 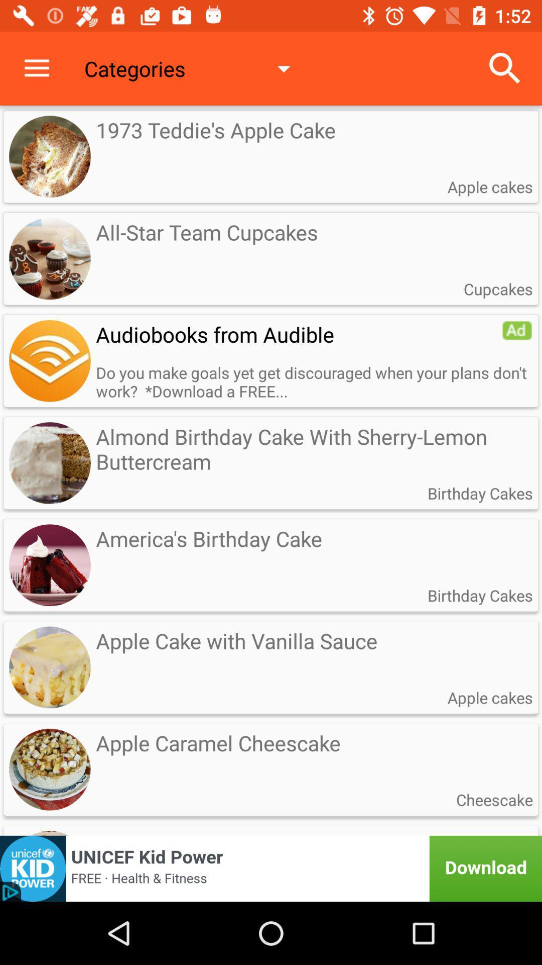 What do you see at coordinates (298, 334) in the screenshot?
I see `item above do you make` at bounding box center [298, 334].